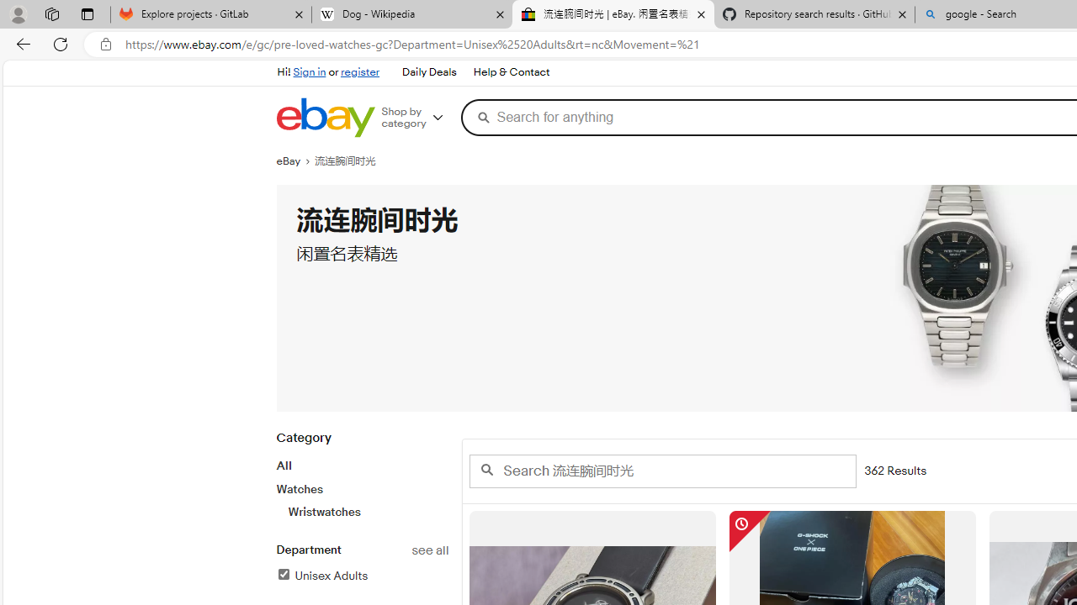 The height and width of the screenshot is (605, 1077). I want to click on 'CategoryAllWatchesWristwatches', so click(361, 484).